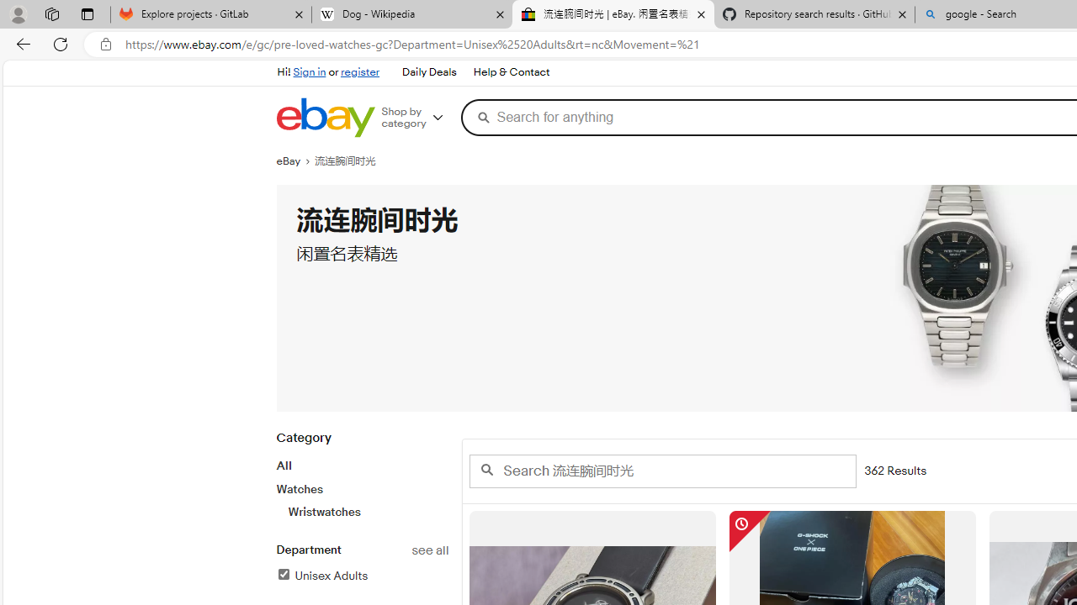 The height and width of the screenshot is (605, 1077). I want to click on 'CategoryAllWatchesWristwatches', so click(361, 484).